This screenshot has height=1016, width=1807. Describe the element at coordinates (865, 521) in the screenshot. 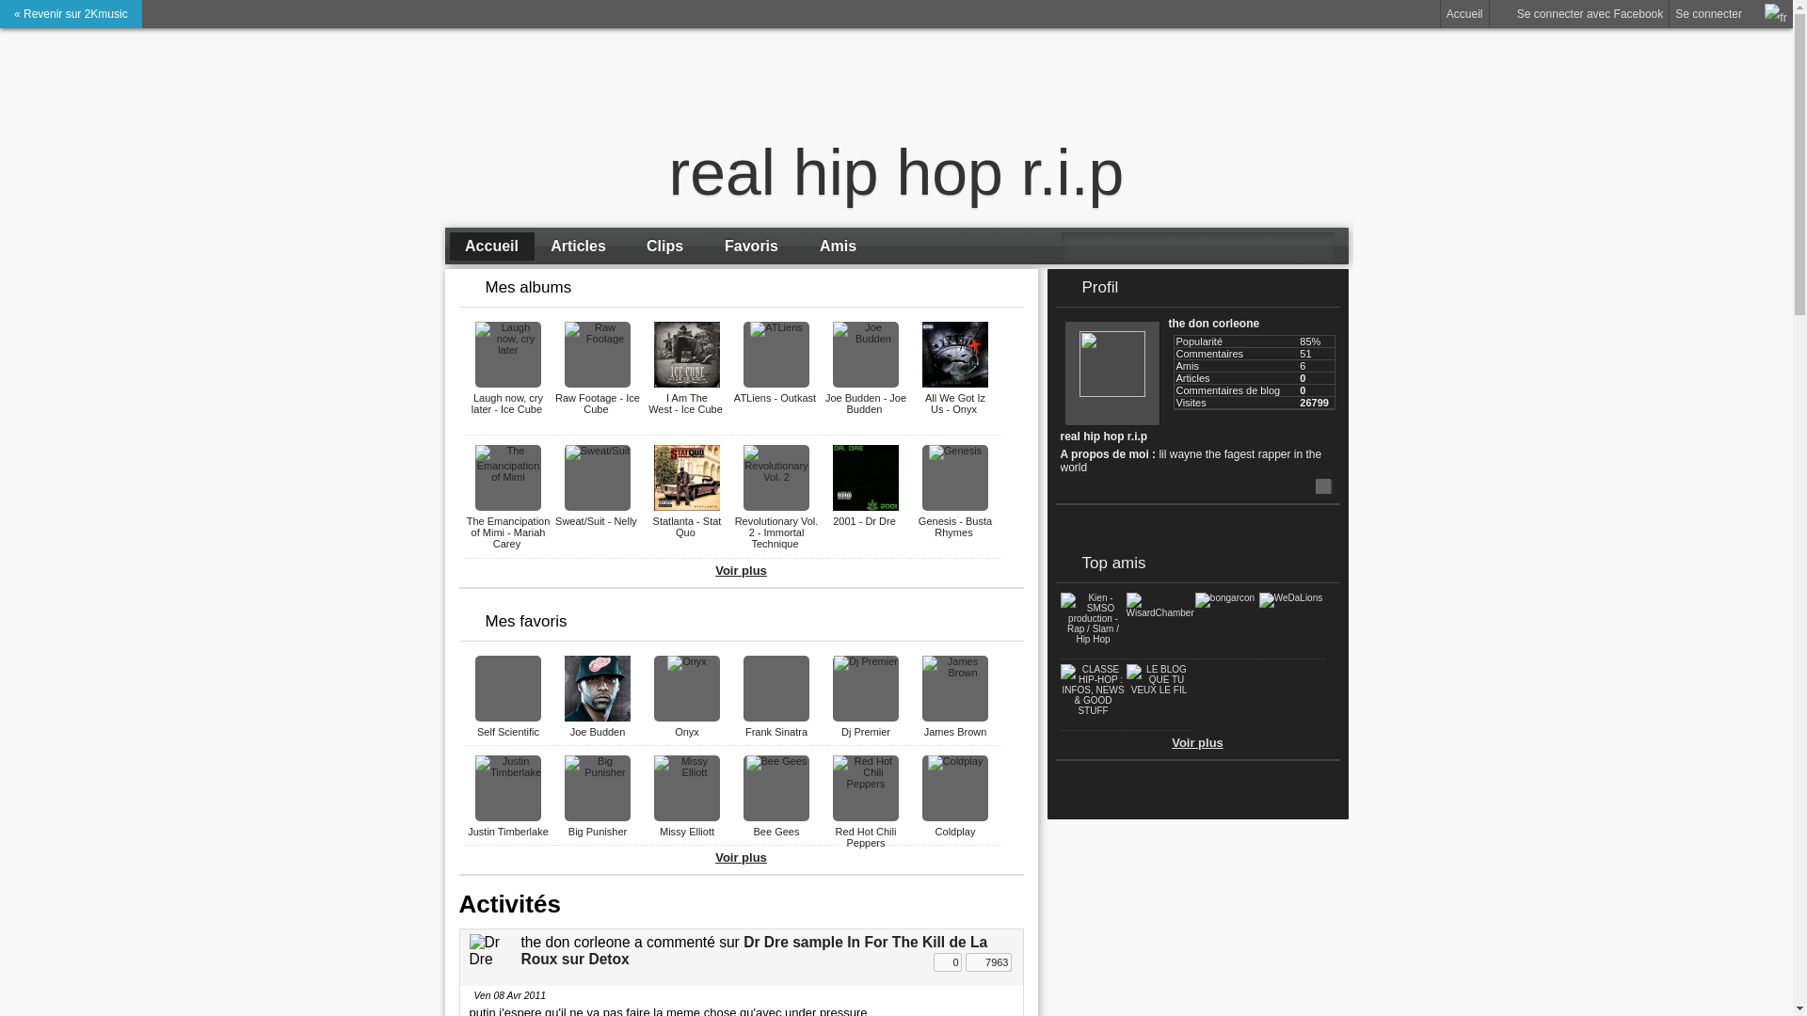

I see `'2001 - Dr Dre '` at that location.